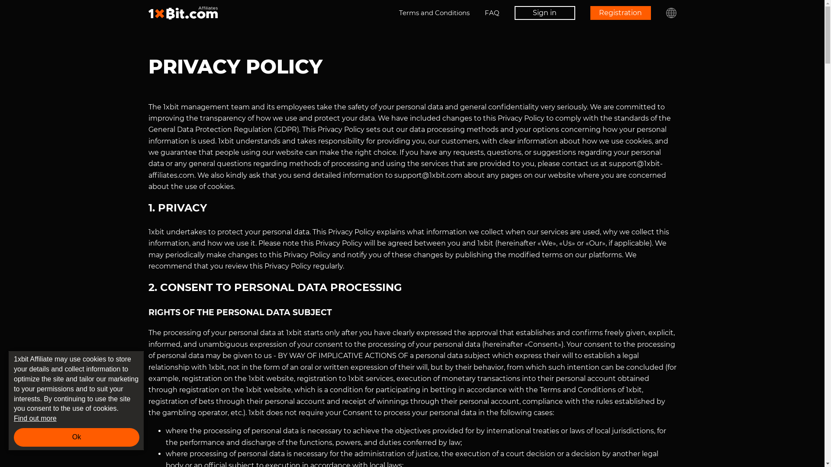 This screenshot has height=467, width=831. What do you see at coordinates (434, 13) in the screenshot?
I see `'Terms and Conditions'` at bounding box center [434, 13].